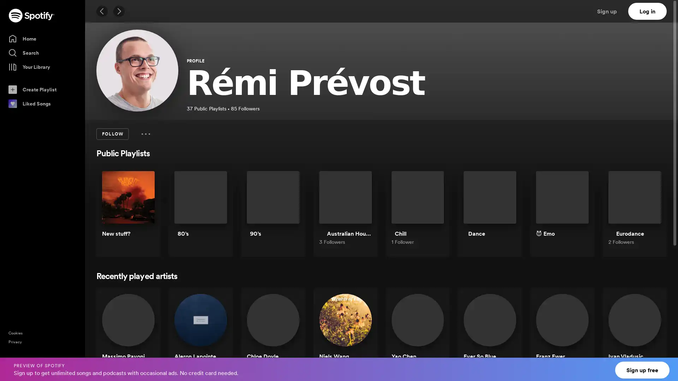 The height and width of the screenshot is (381, 678). I want to click on Sign up free, so click(642, 370).